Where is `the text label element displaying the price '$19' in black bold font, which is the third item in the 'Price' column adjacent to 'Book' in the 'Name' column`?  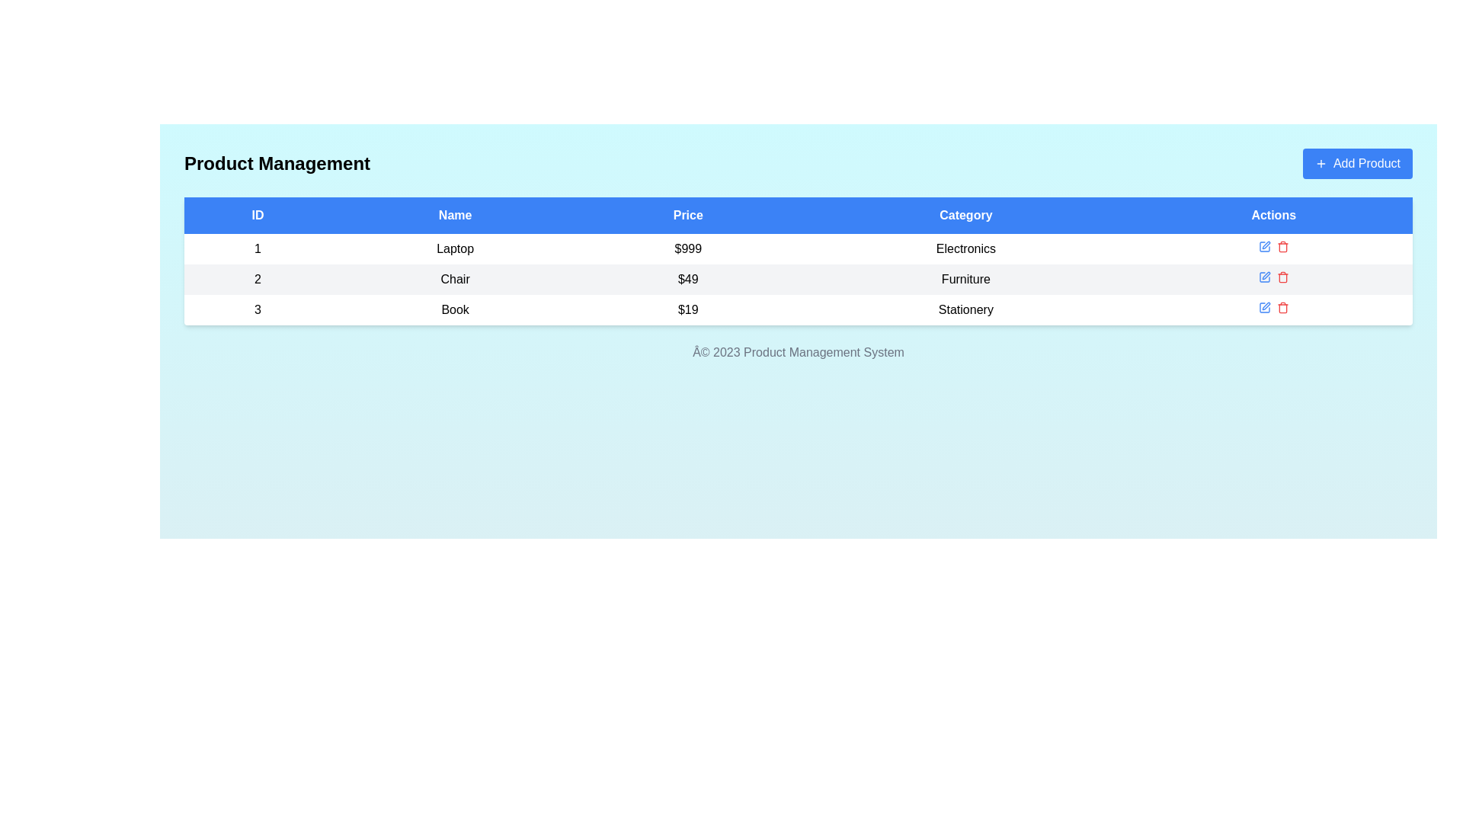 the text label element displaying the price '$19' in black bold font, which is the third item in the 'Price' column adjacent to 'Book' in the 'Name' column is located at coordinates (687, 309).